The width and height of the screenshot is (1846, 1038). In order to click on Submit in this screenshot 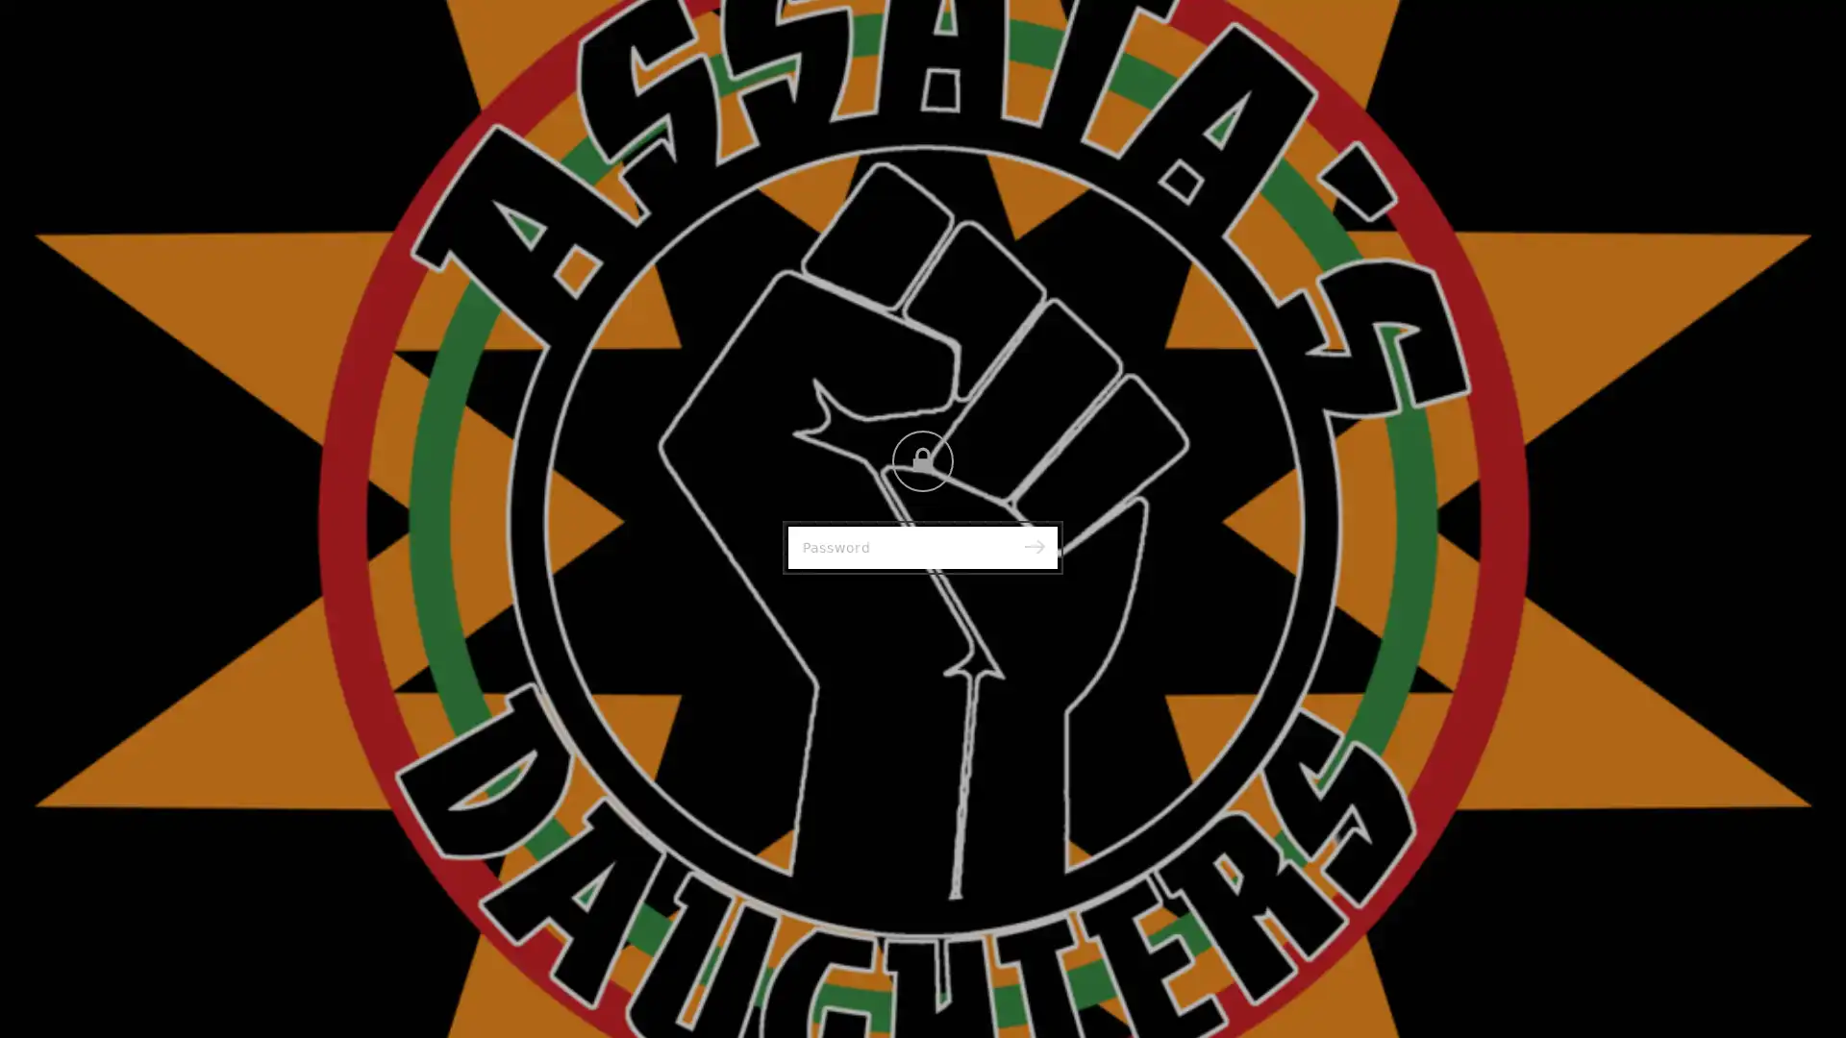, I will do `click(1033, 548)`.